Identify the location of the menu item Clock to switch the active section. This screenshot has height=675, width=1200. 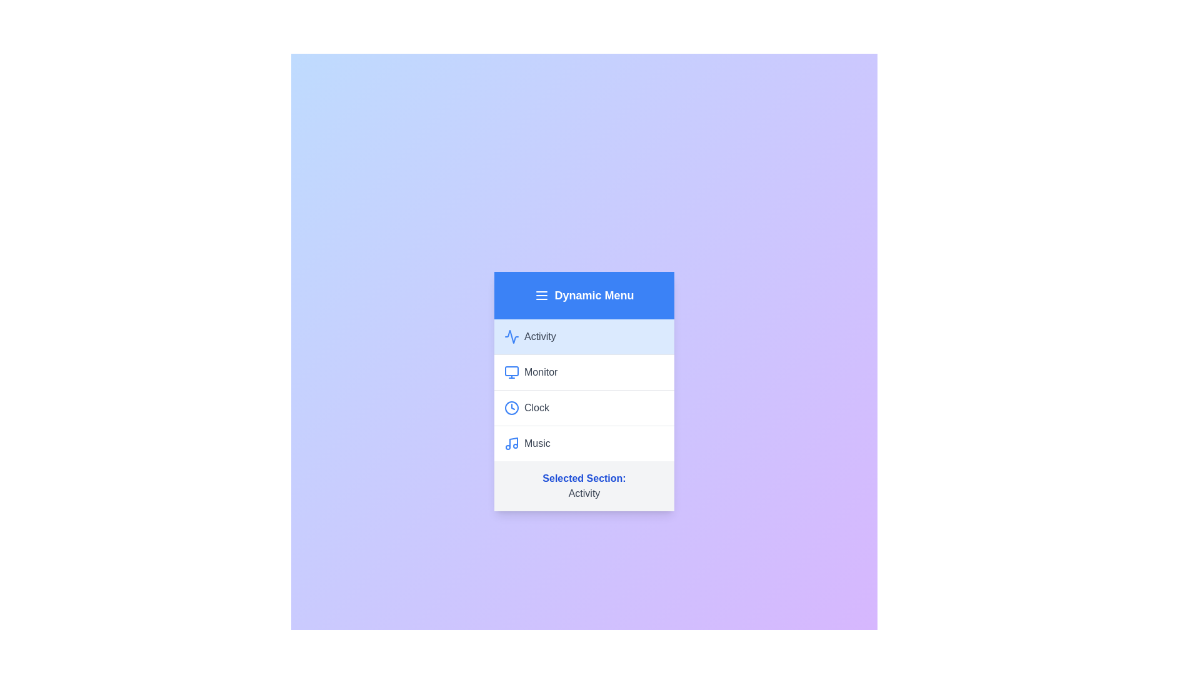
(584, 407).